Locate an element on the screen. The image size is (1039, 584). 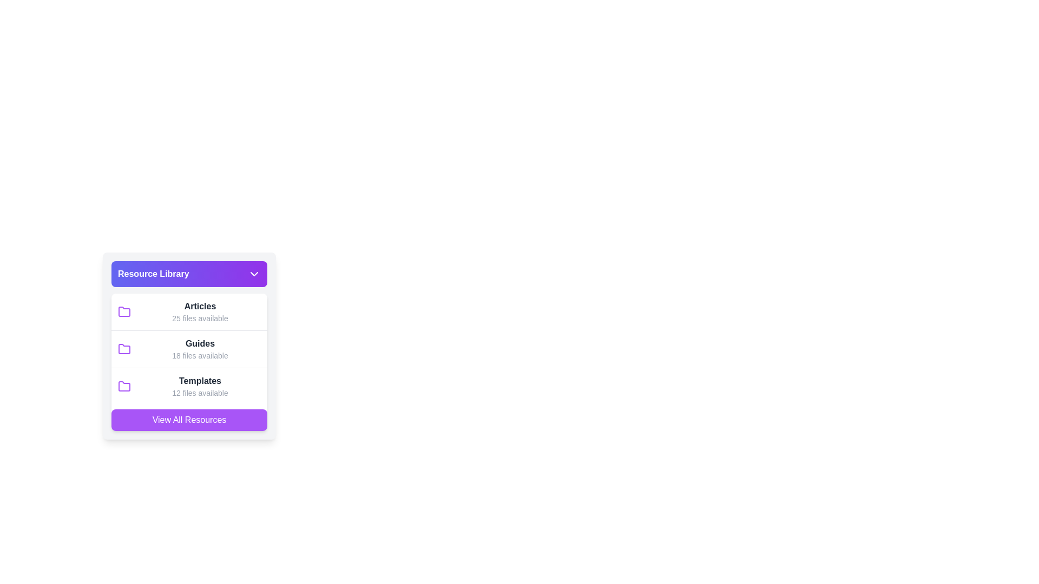
the non-interactive label that provides descriptive context for the section under 'Resource Library', located between 'Articles' and 'Templates' is located at coordinates (200, 344).